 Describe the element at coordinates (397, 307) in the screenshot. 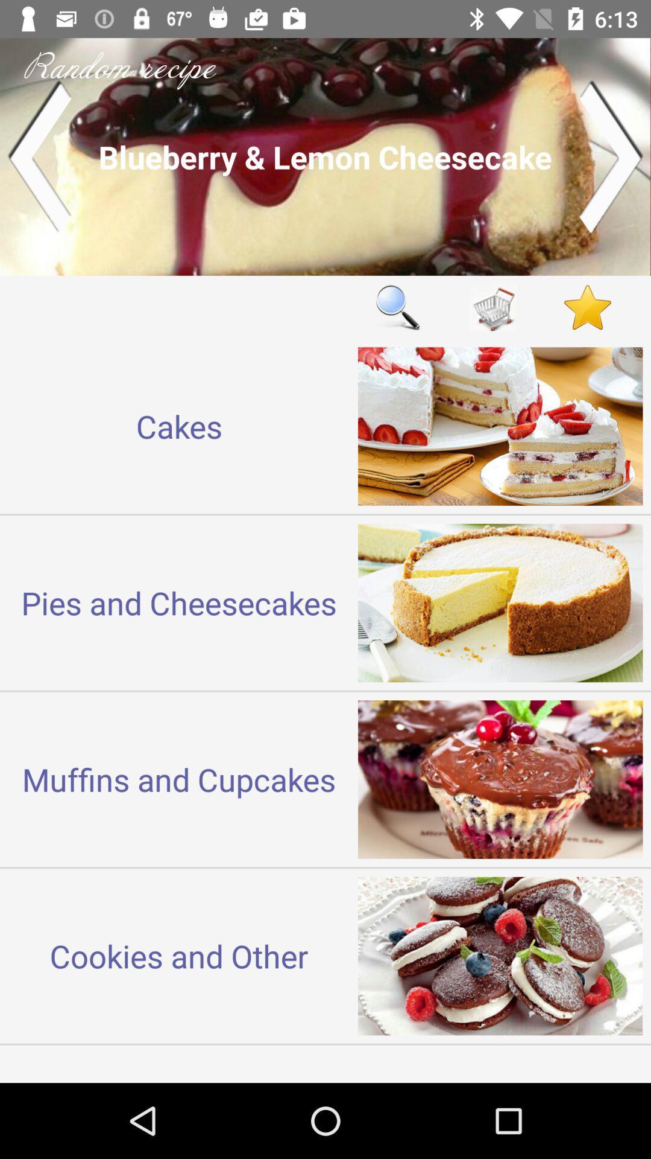

I see `search button` at that location.